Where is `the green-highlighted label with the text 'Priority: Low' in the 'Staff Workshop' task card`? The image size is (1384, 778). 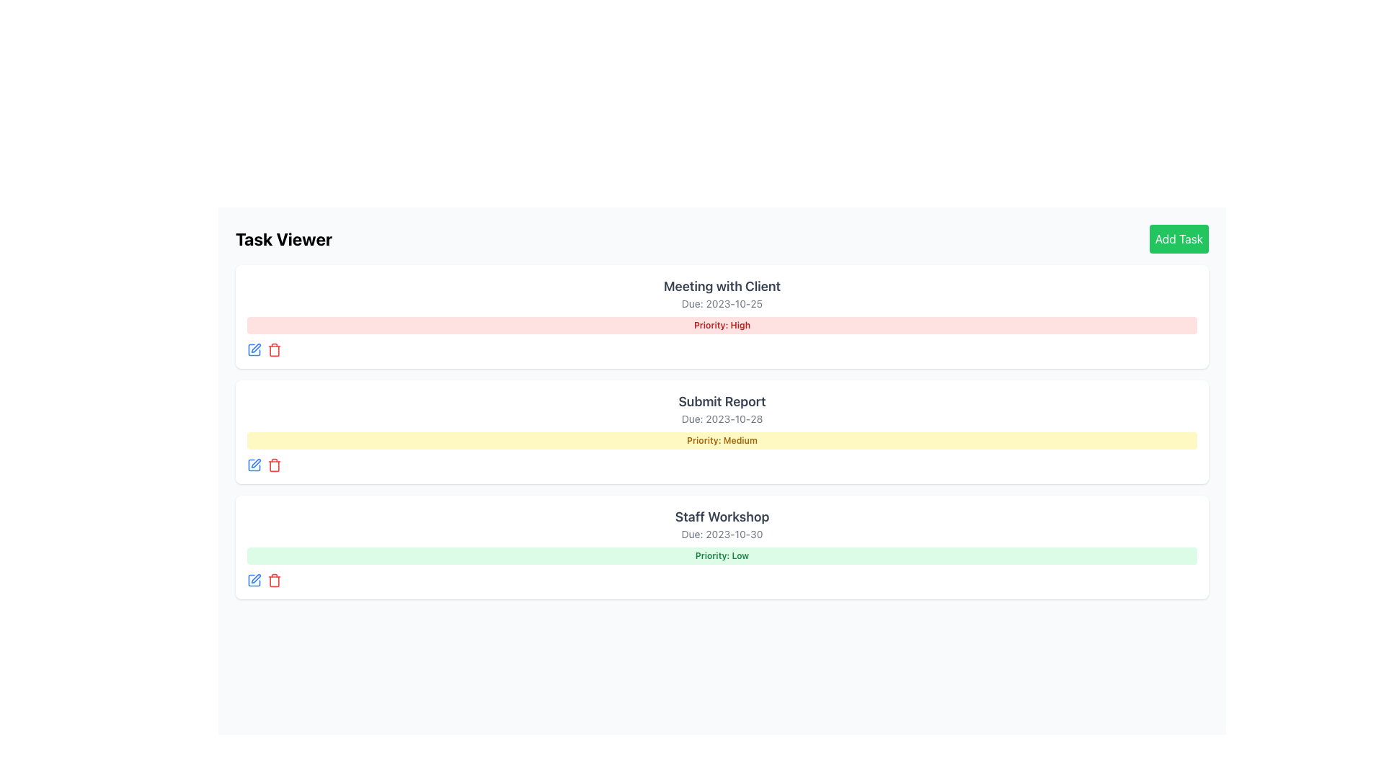
the green-highlighted label with the text 'Priority: Low' in the 'Staff Workshop' task card is located at coordinates (722, 555).